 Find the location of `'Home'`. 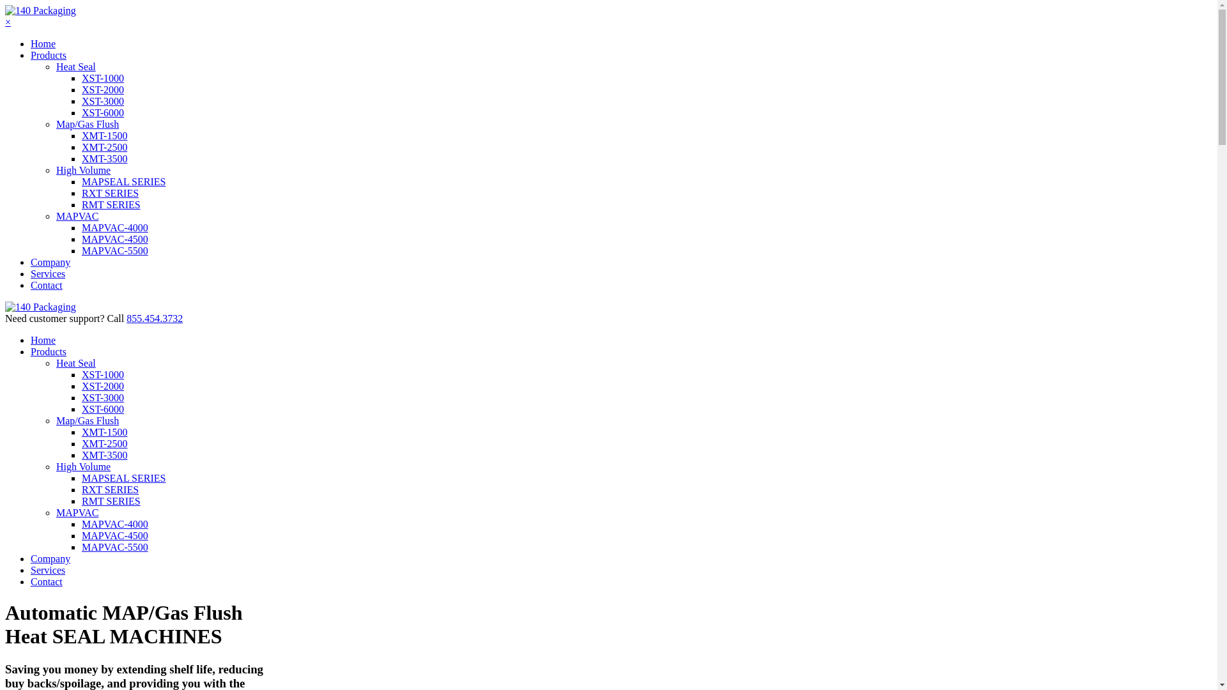

'Home' is located at coordinates (31, 339).